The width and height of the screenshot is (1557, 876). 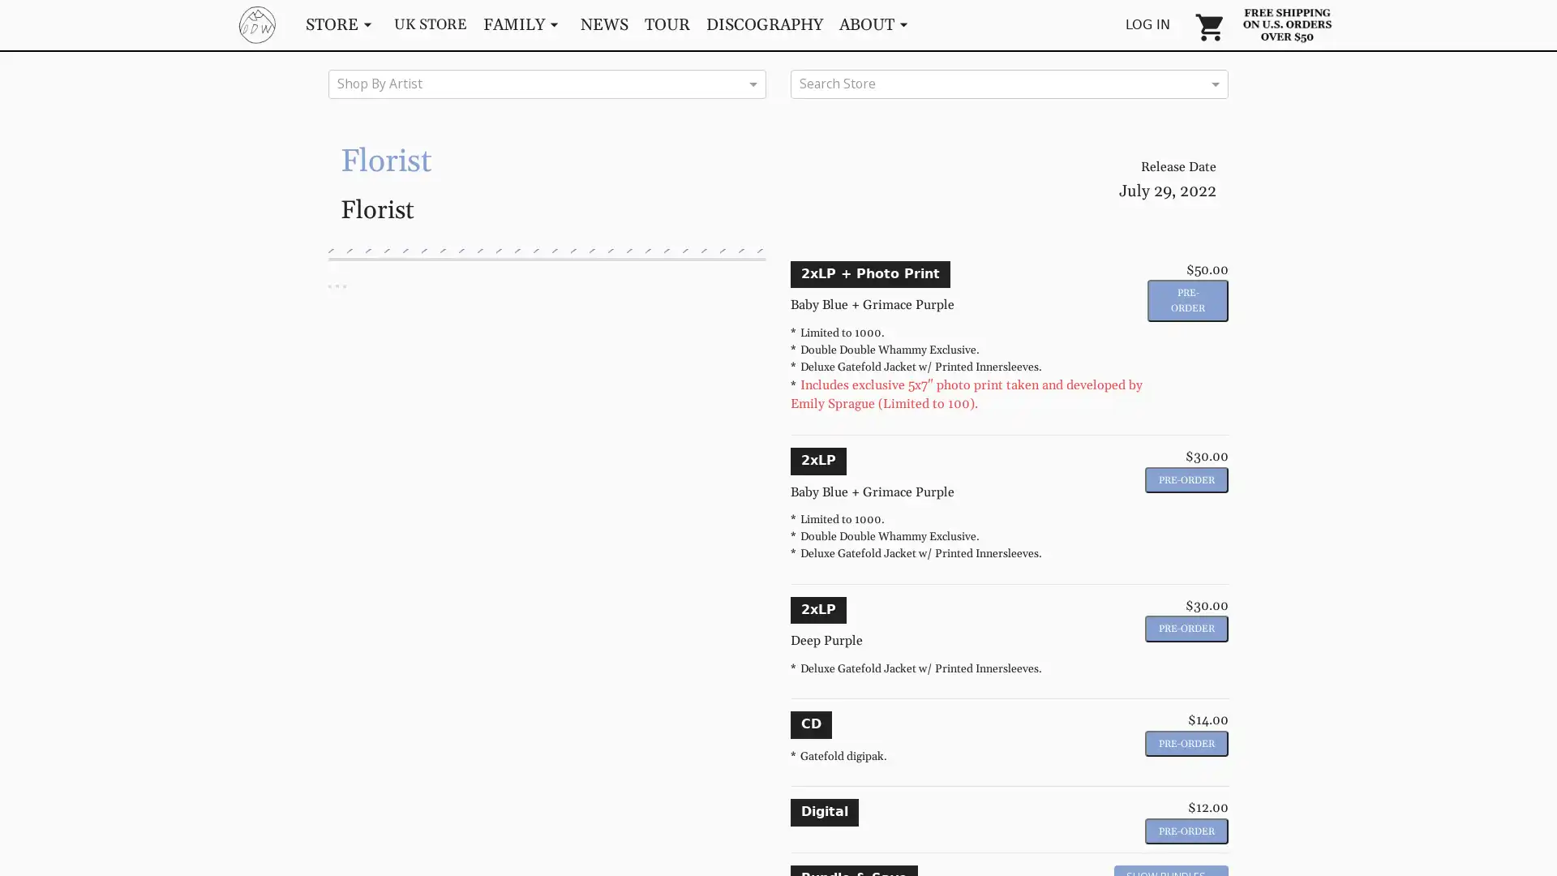 What do you see at coordinates (1186, 831) in the screenshot?
I see `Pre-Order` at bounding box center [1186, 831].